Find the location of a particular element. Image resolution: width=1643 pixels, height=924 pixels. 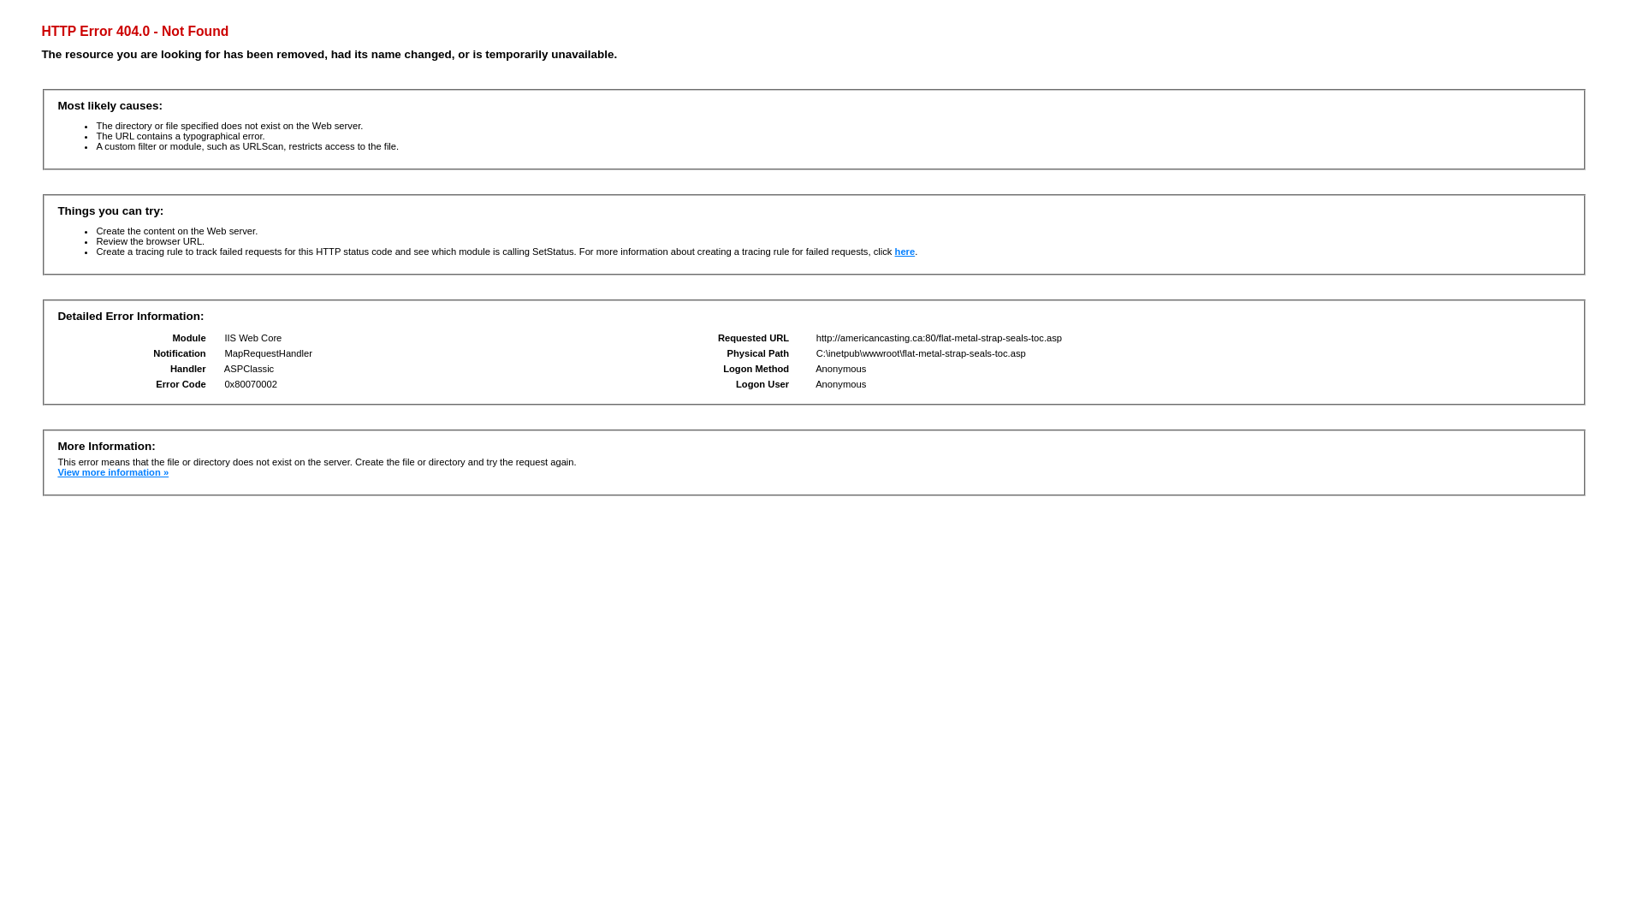

'here' is located at coordinates (904, 251).